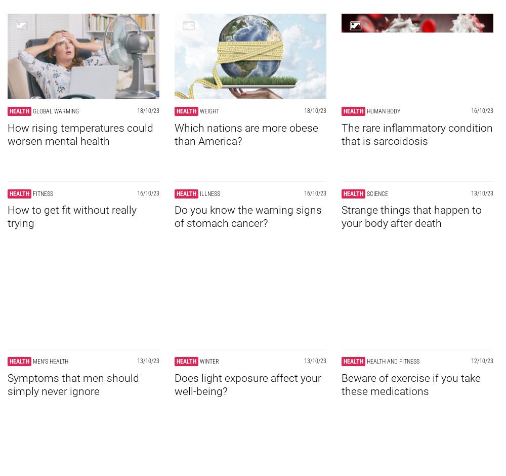 Image resolution: width=506 pixels, height=476 pixels. Describe the element at coordinates (246, 134) in the screenshot. I see `'Which nations are more obese than America?'` at that location.